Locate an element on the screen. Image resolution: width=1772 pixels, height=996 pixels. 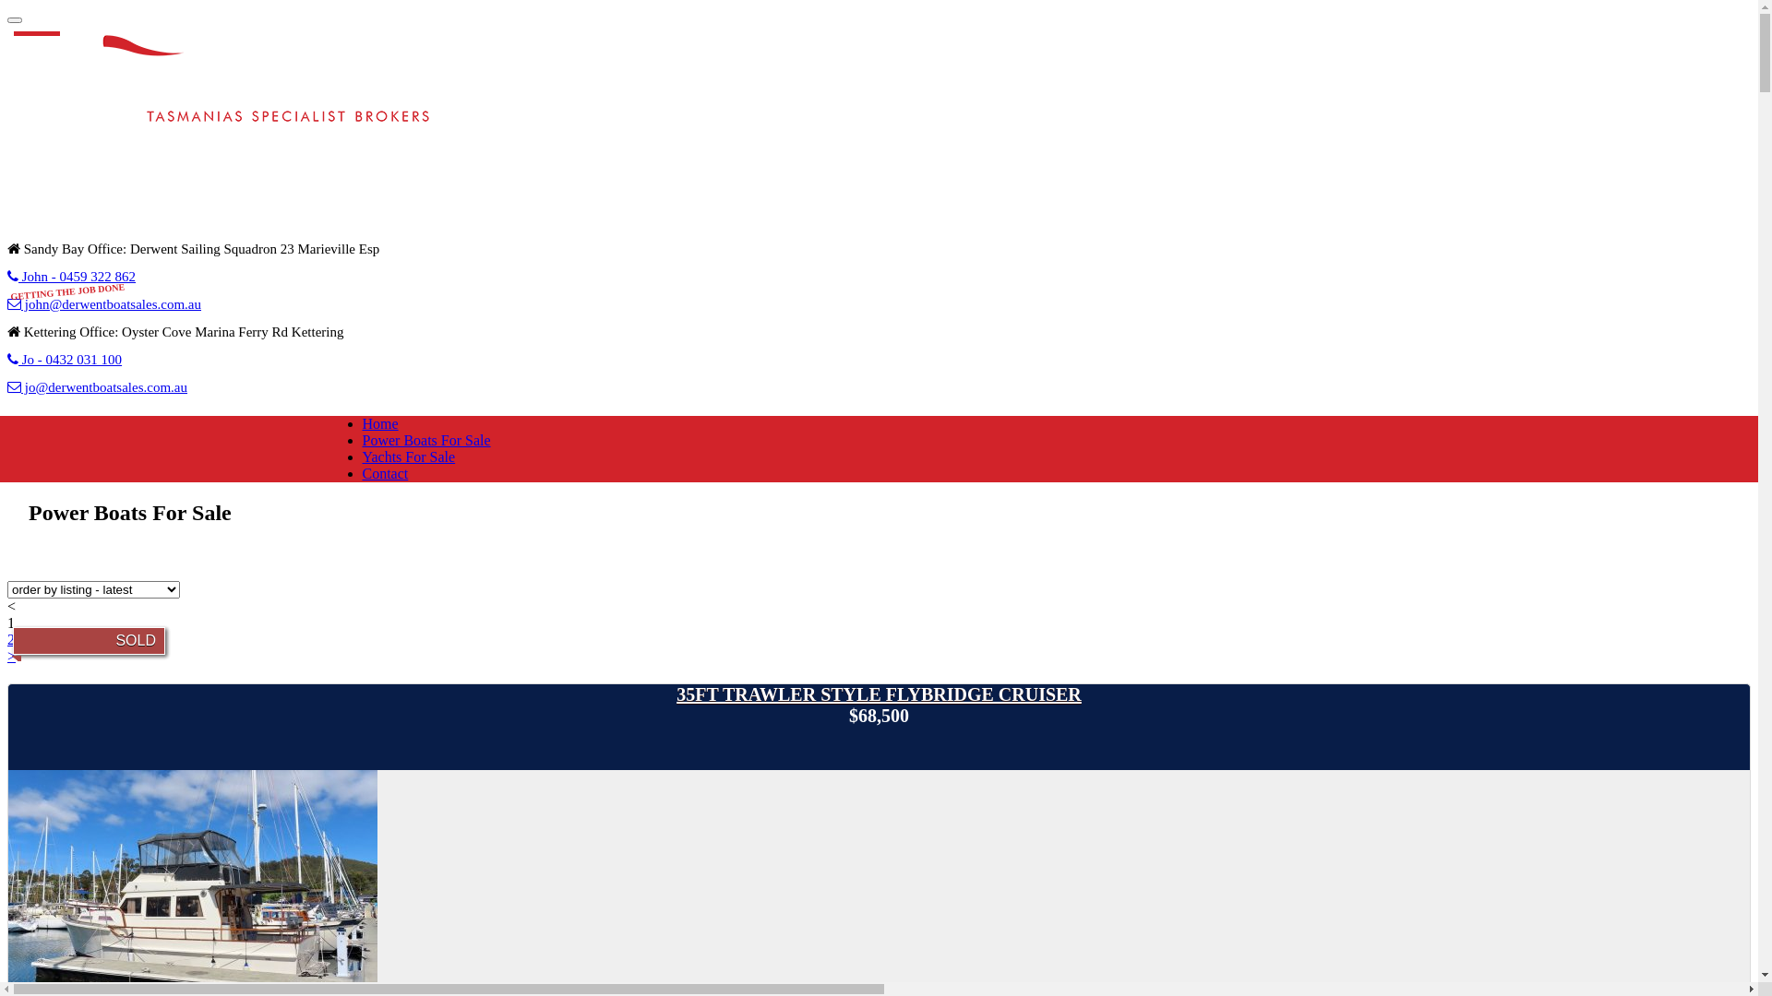
'Derwent Boat Sales' is located at coordinates (233, 102).